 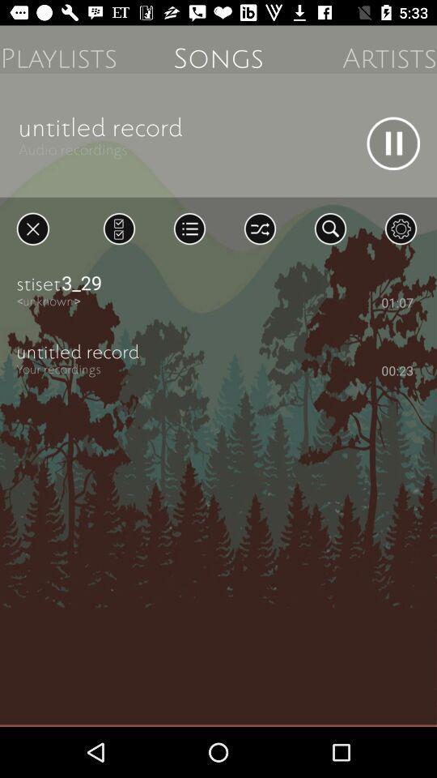 What do you see at coordinates (400, 228) in the screenshot?
I see `see additional settings` at bounding box center [400, 228].